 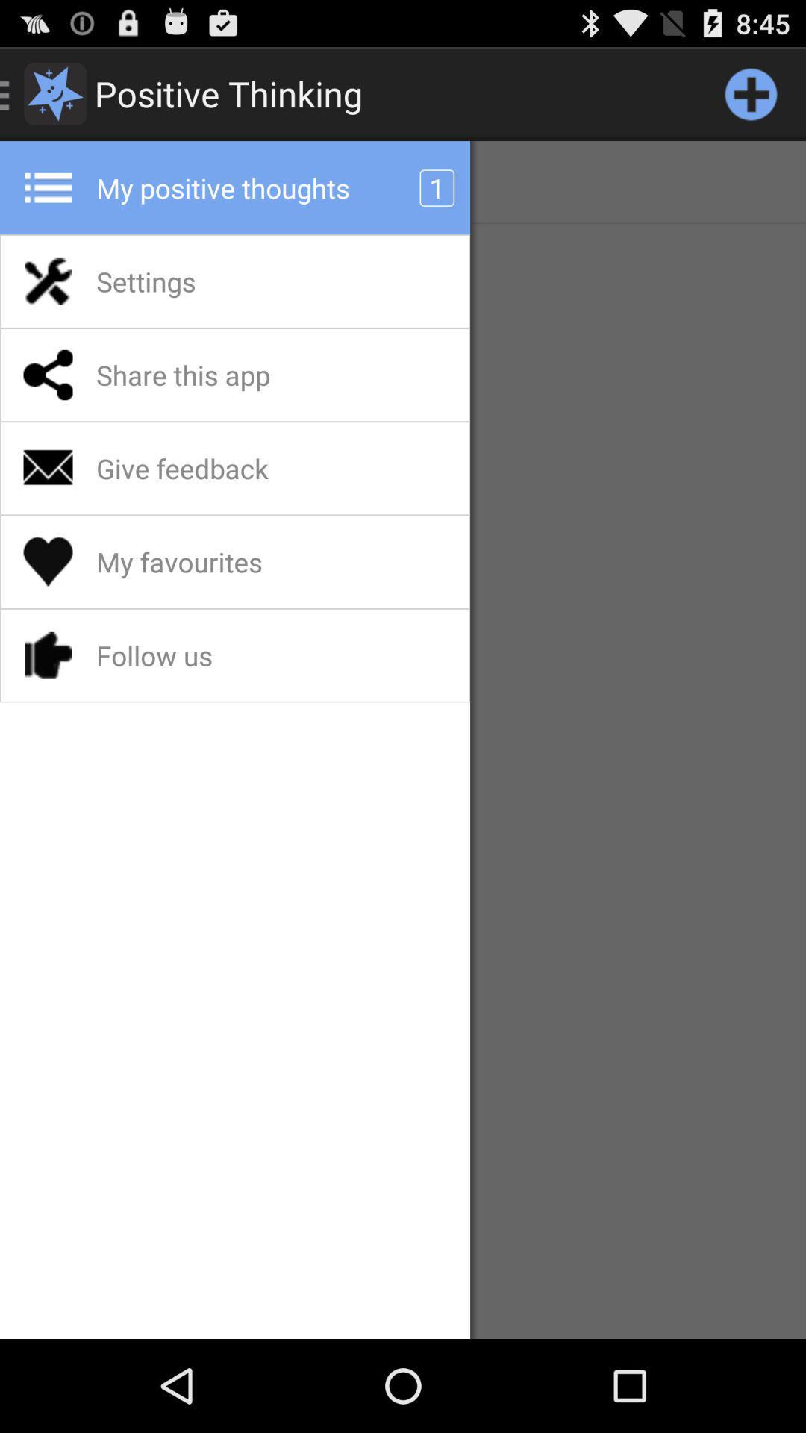 What do you see at coordinates (751, 93) in the screenshot?
I see `icon at the top right corner` at bounding box center [751, 93].